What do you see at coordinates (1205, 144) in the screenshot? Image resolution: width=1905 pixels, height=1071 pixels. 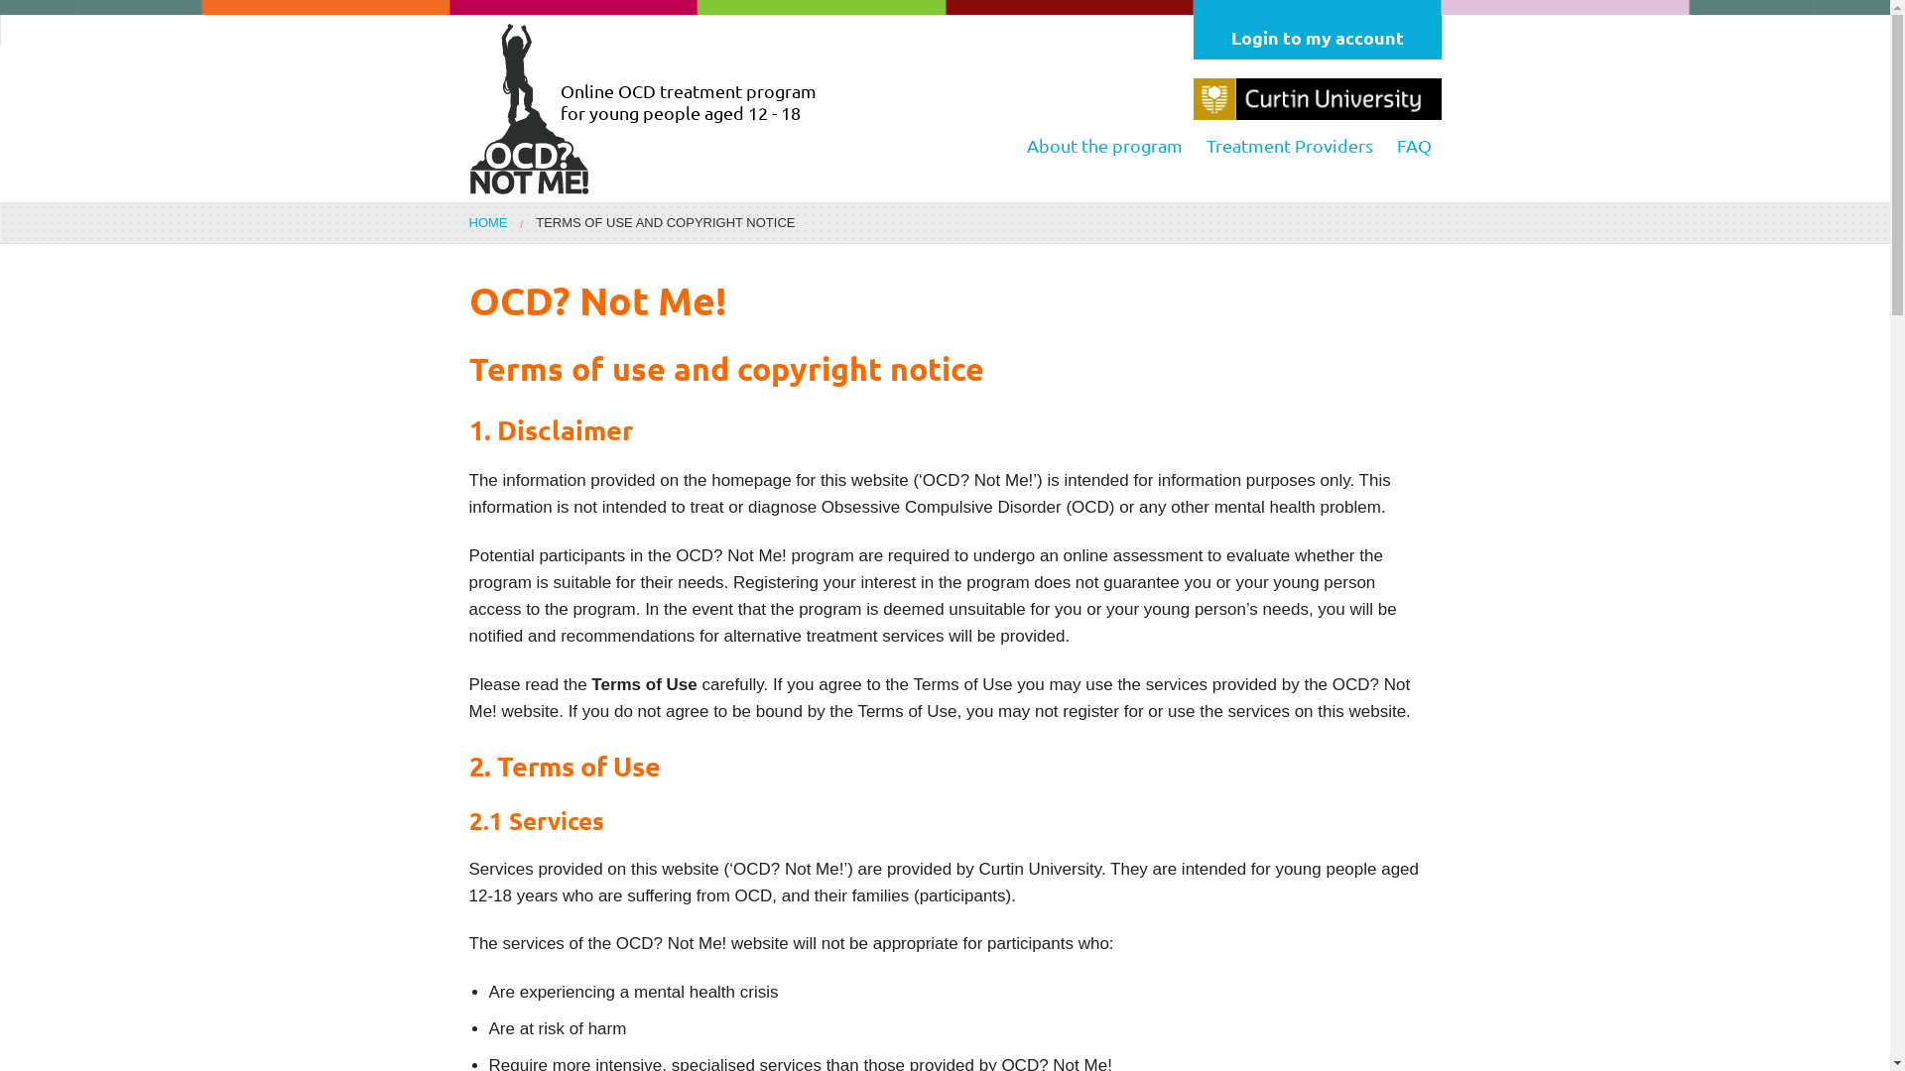 I see `'Treatment Providers'` at bounding box center [1205, 144].